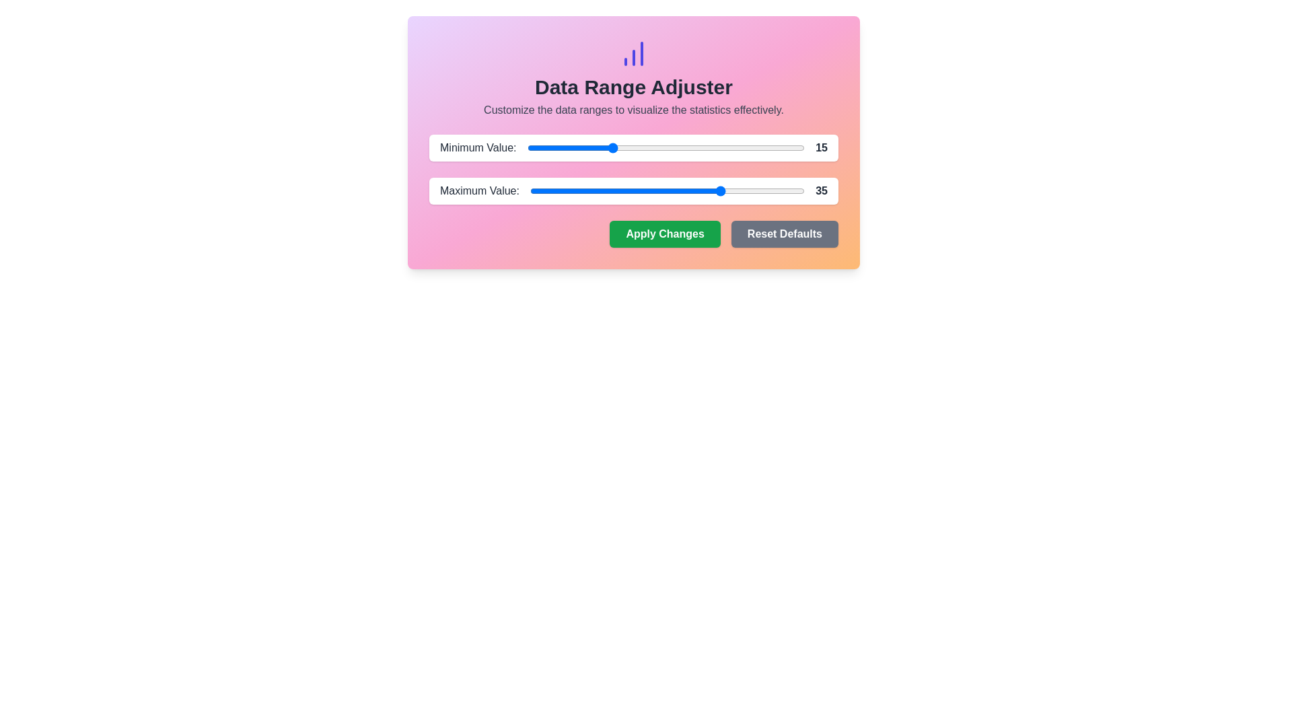 The image size is (1292, 727). Describe the element at coordinates (538, 147) in the screenshot. I see `the slider to set the range value to 2` at that location.